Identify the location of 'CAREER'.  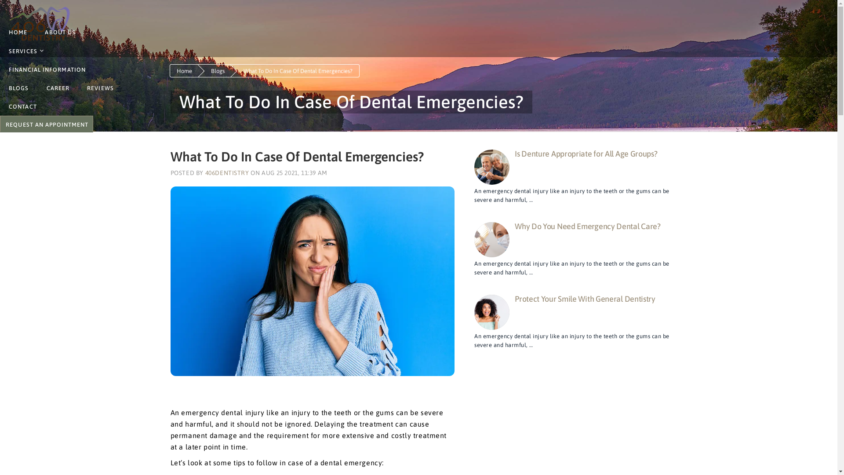
(58, 88).